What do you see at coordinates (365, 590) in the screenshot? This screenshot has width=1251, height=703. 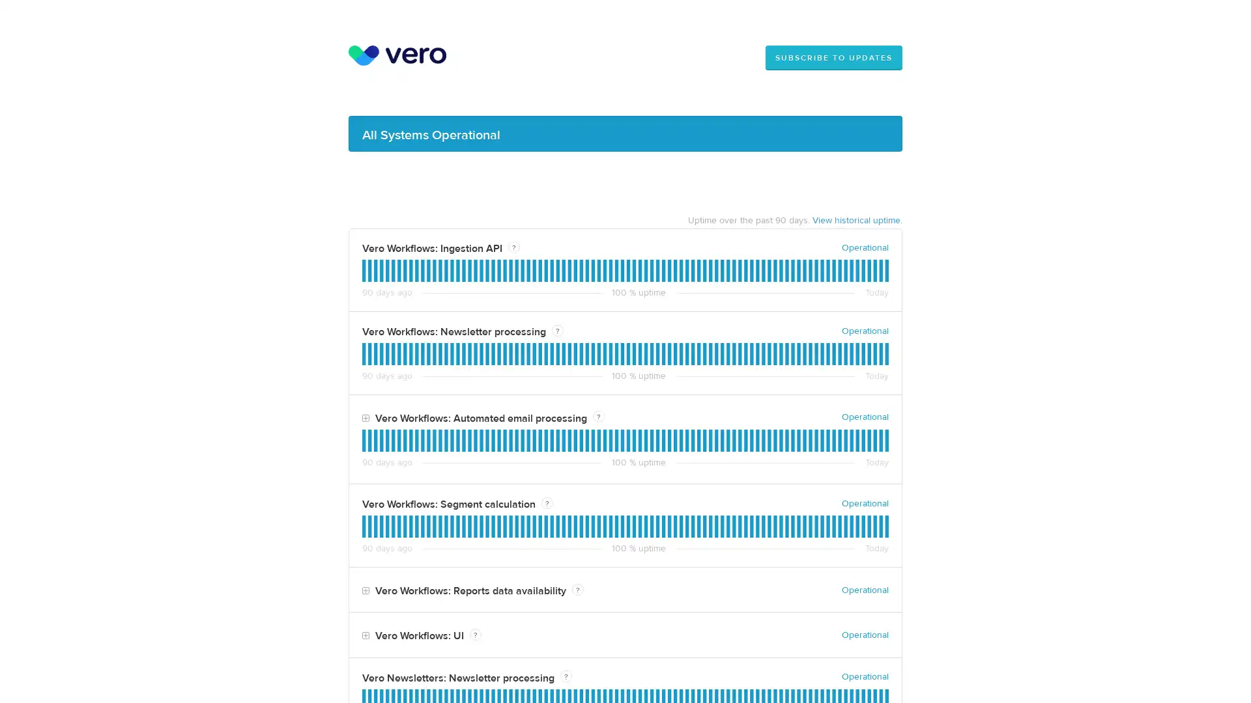 I see `Toggle Vero Workflows: Reports data availability` at bounding box center [365, 590].